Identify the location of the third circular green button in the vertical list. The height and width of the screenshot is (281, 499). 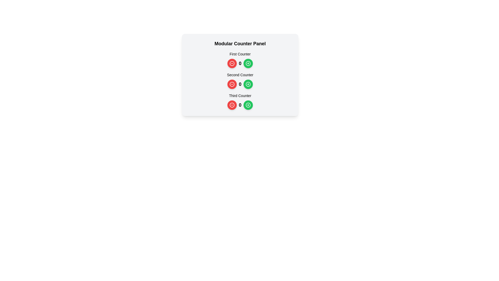
(248, 105).